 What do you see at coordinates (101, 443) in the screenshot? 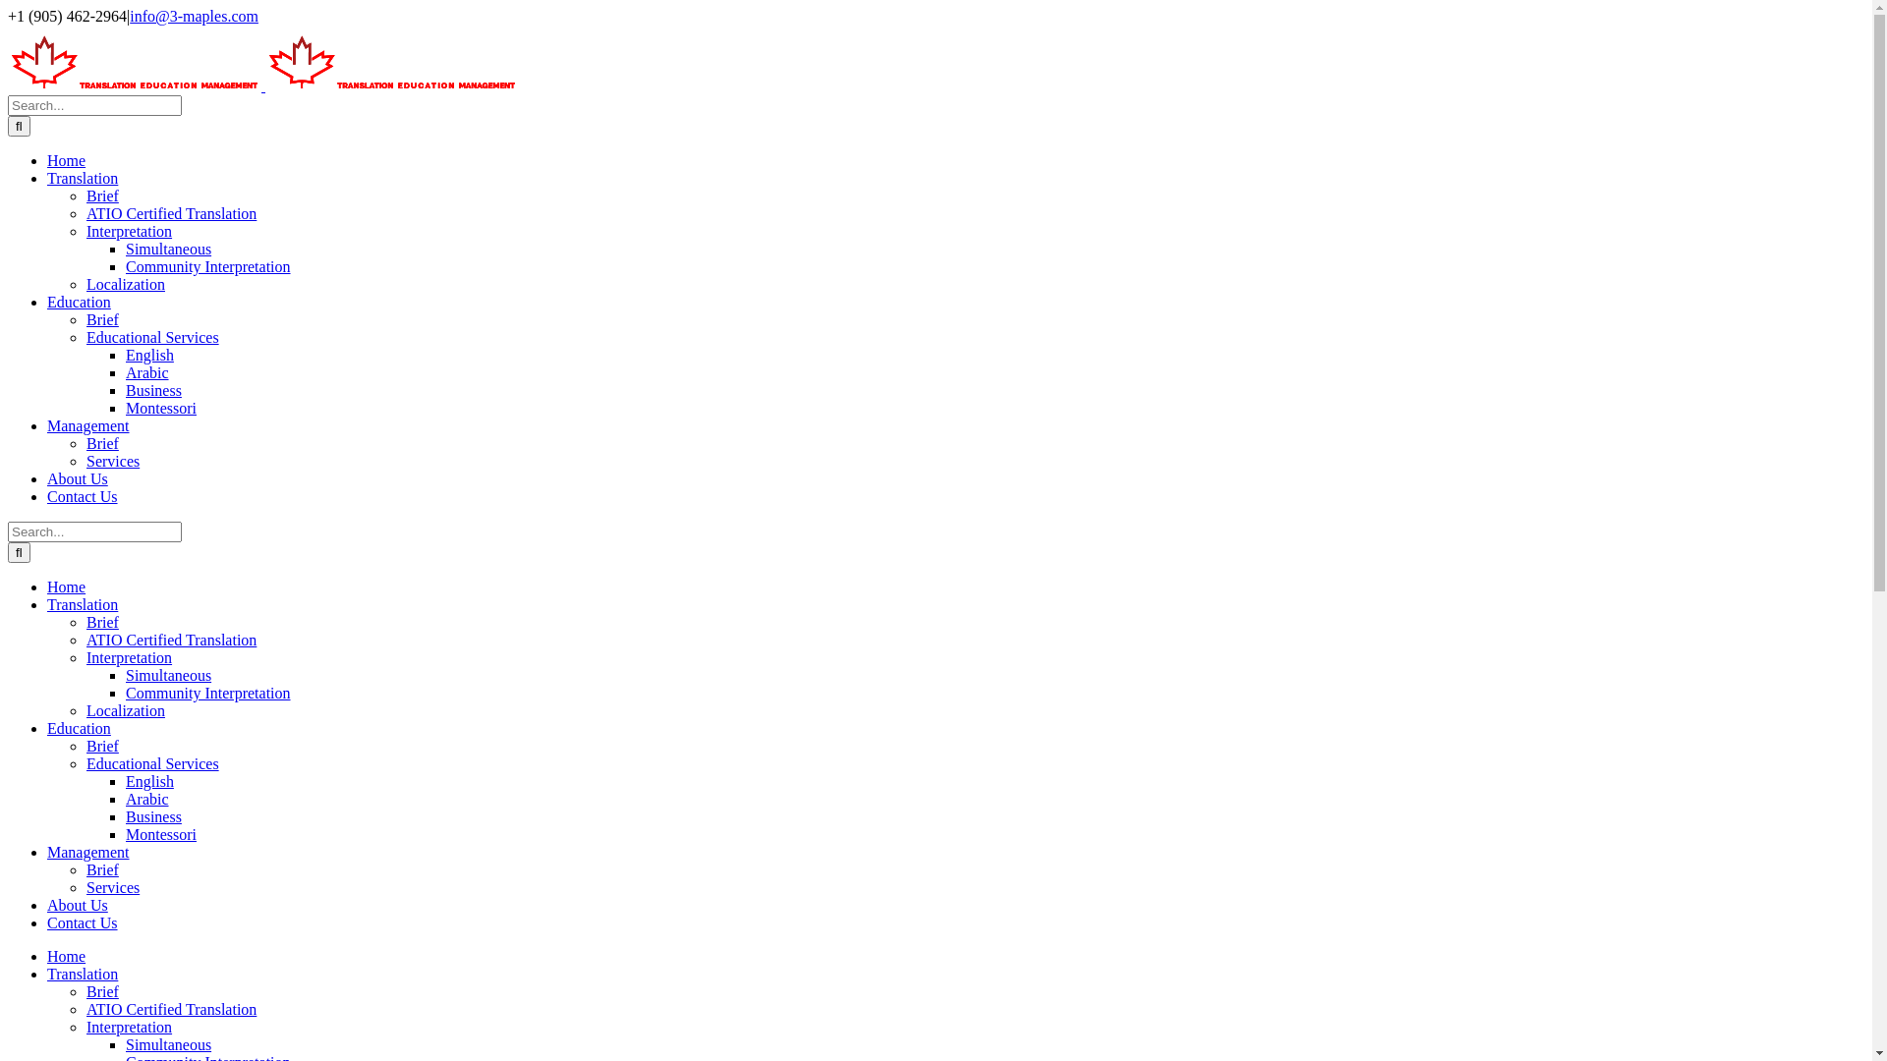
I see `'Brief'` at bounding box center [101, 443].